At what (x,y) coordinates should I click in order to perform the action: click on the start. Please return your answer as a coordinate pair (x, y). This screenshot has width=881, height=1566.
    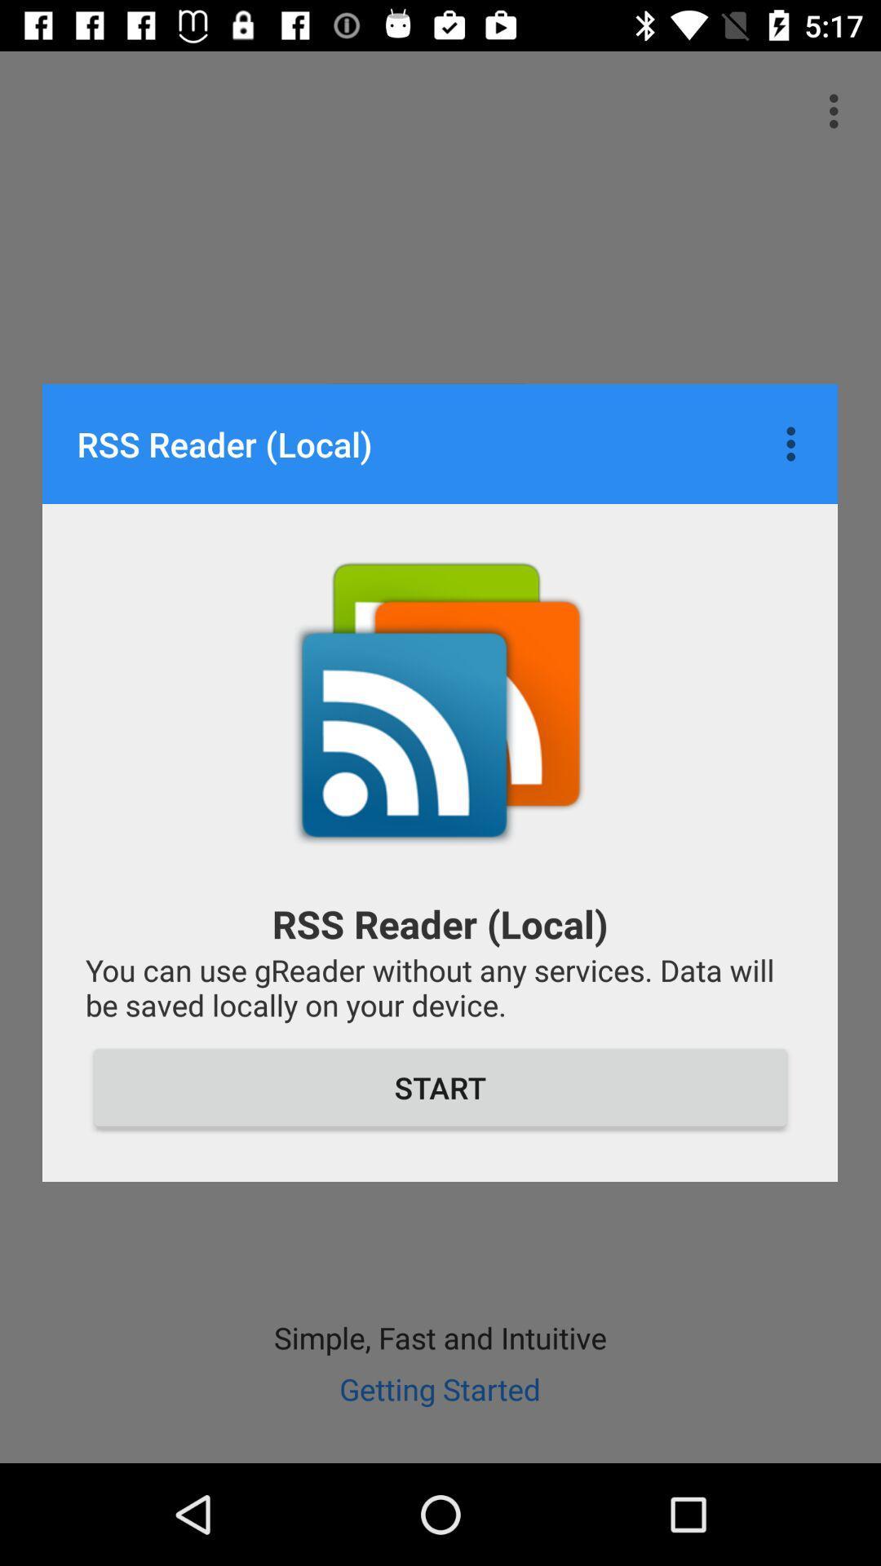
    Looking at the image, I should click on (440, 1087).